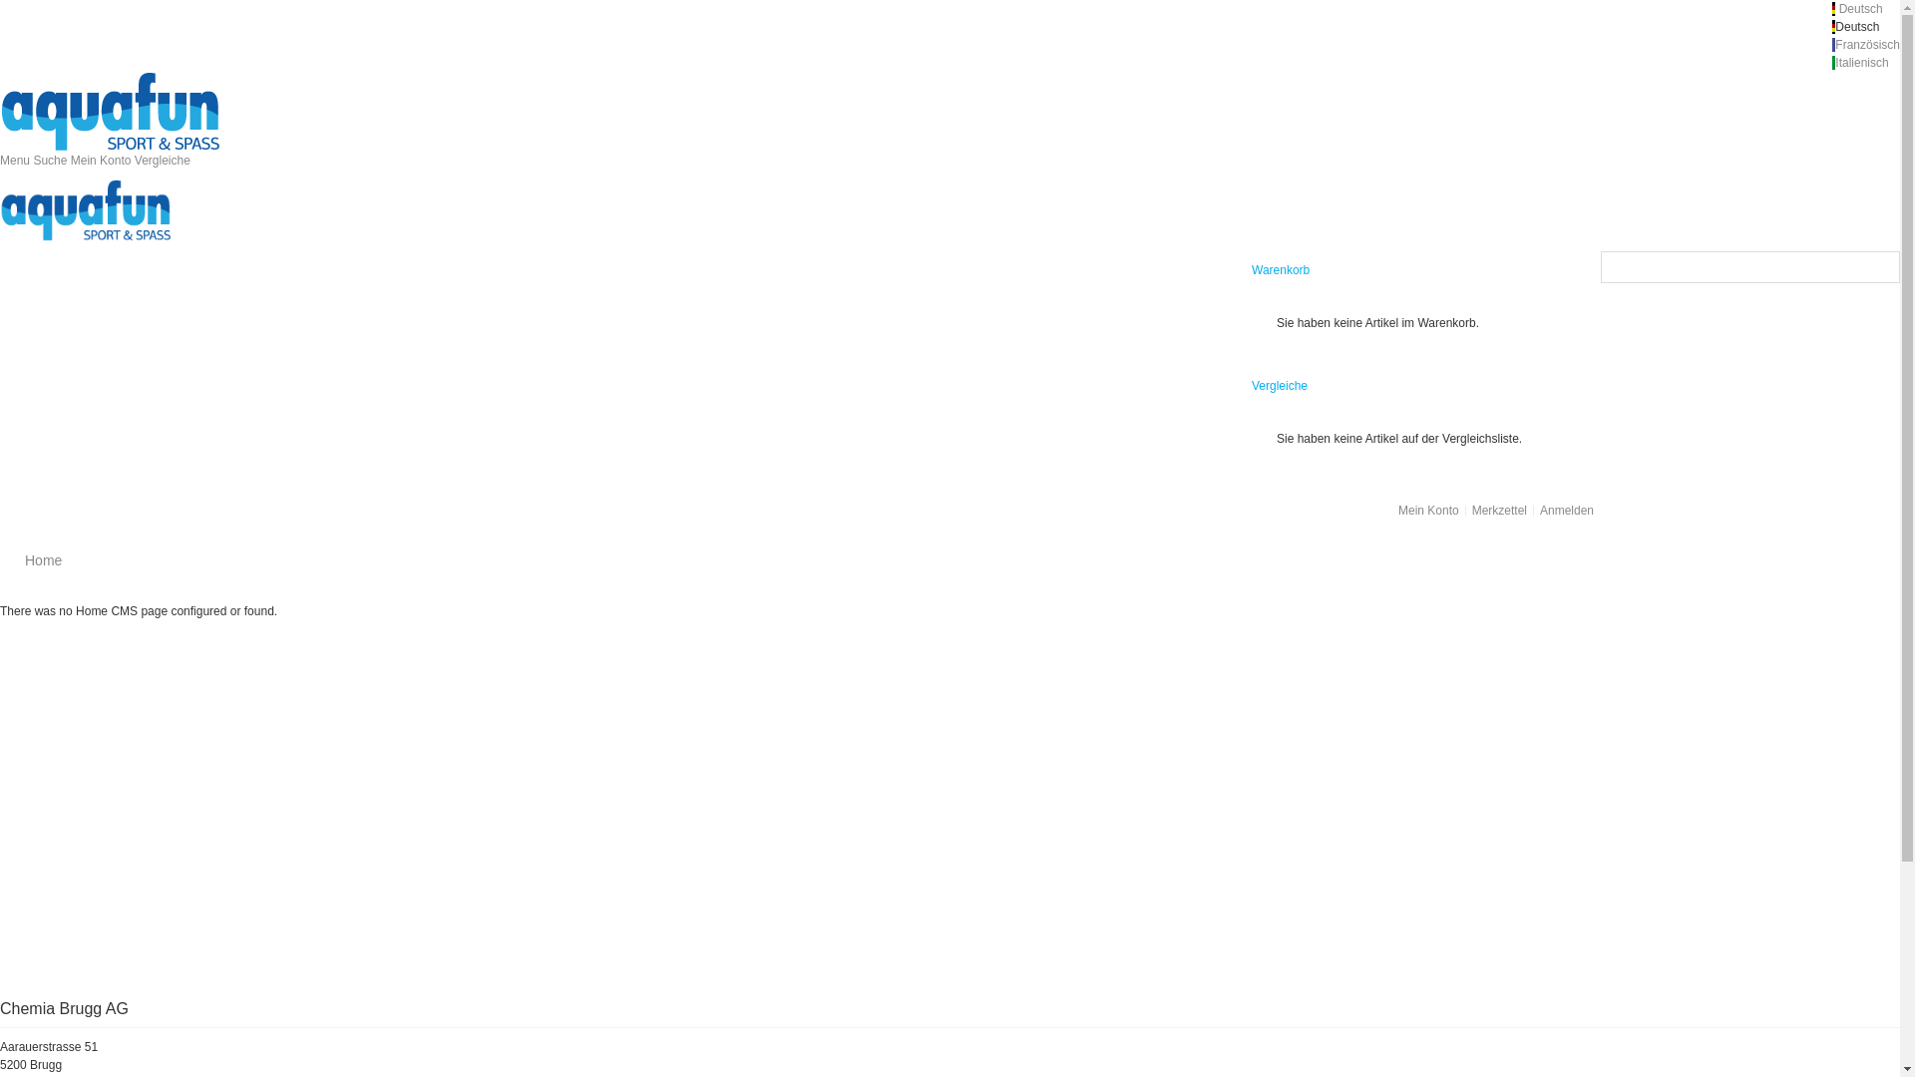 This screenshot has width=1915, height=1077. I want to click on ' Italienisch', so click(1859, 61).